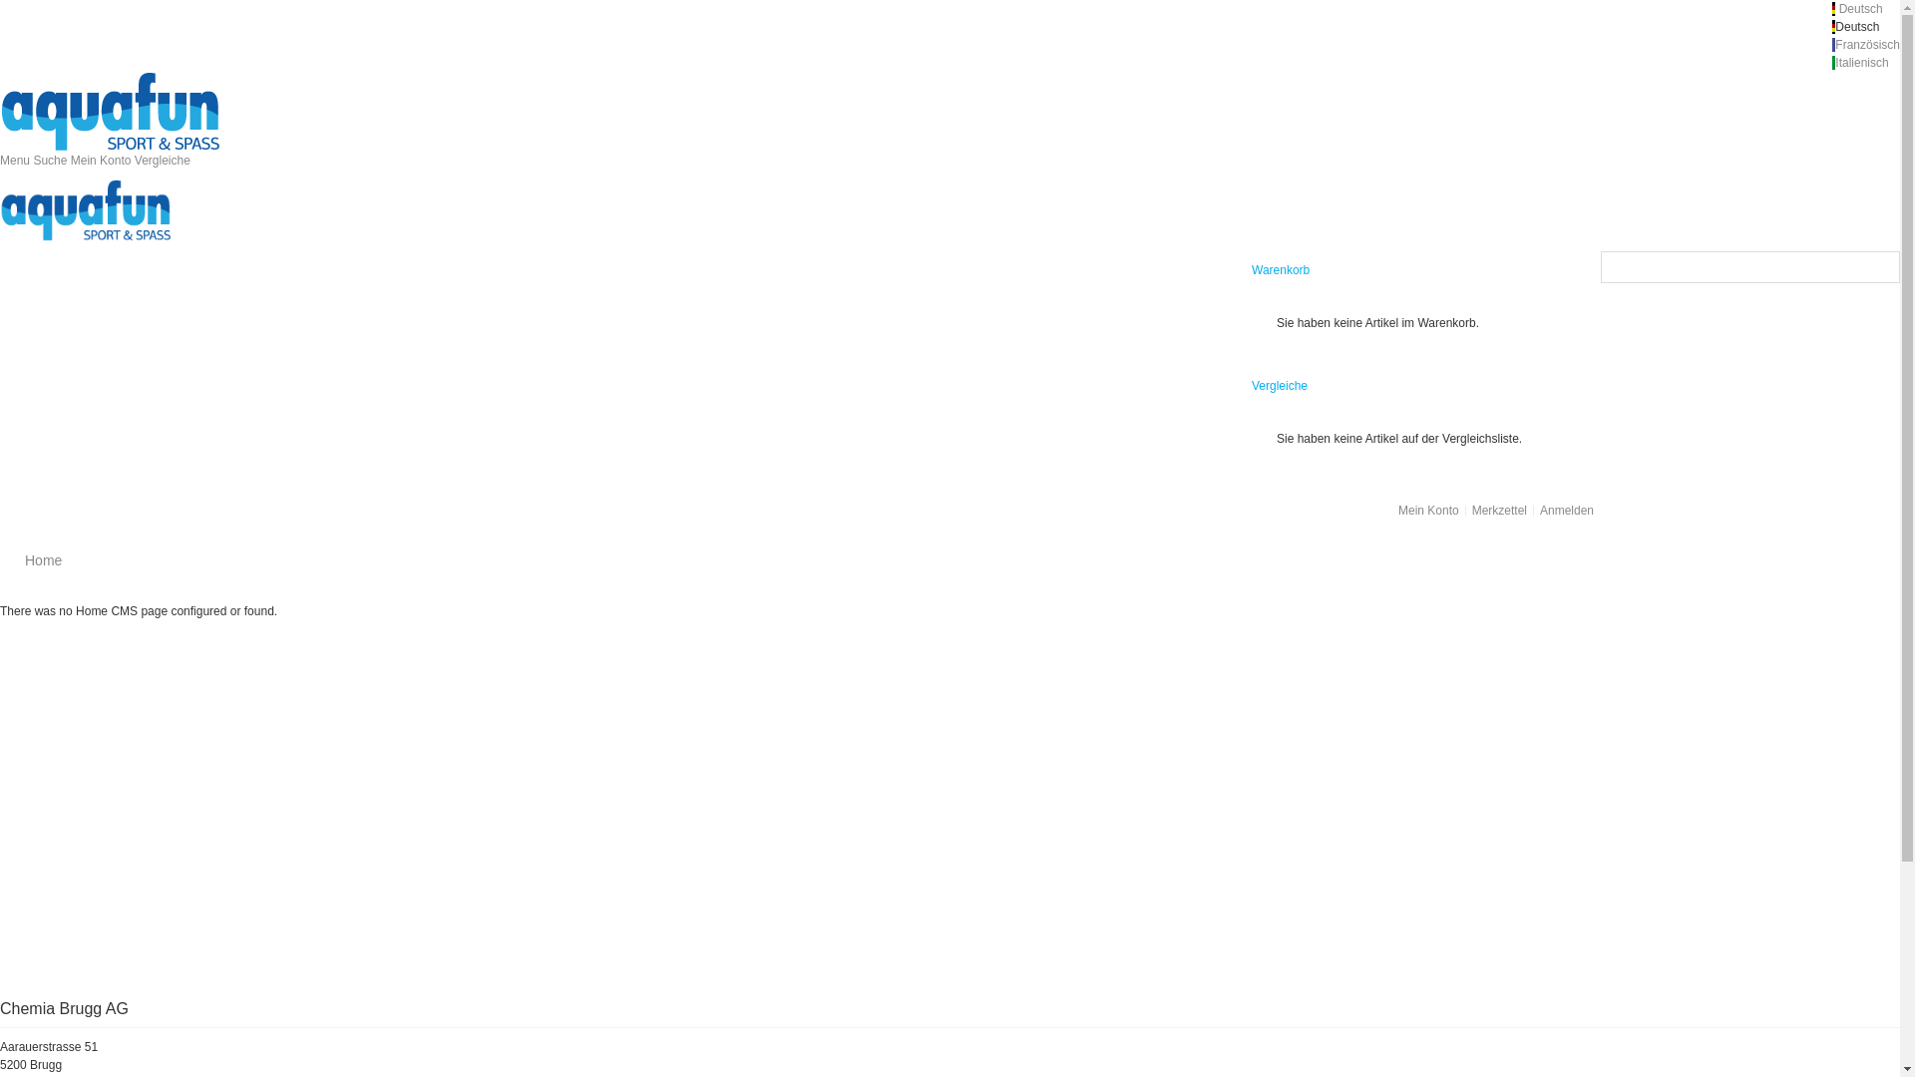 This screenshot has width=1915, height=1077. I want to click on ' Italienisch', so click(1859, 61).